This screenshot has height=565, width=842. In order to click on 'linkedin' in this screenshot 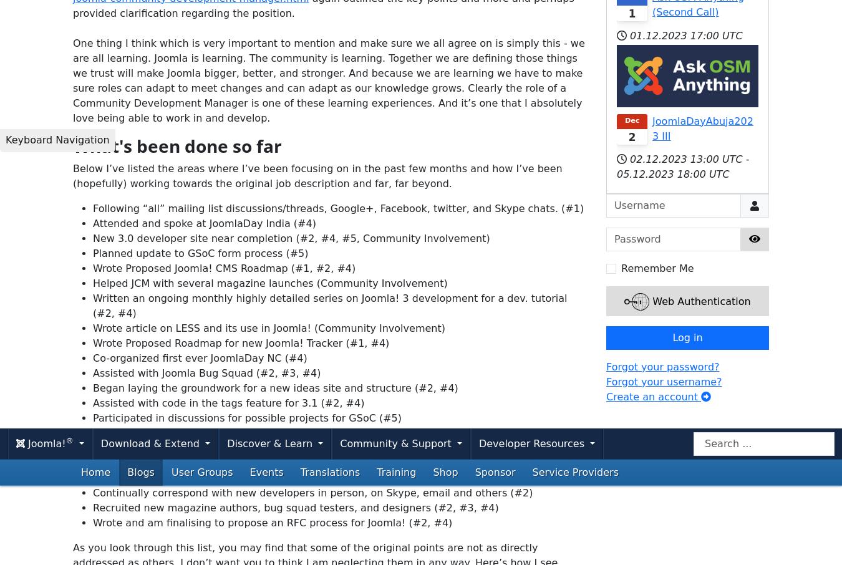, I will do `click(440, 408)`.